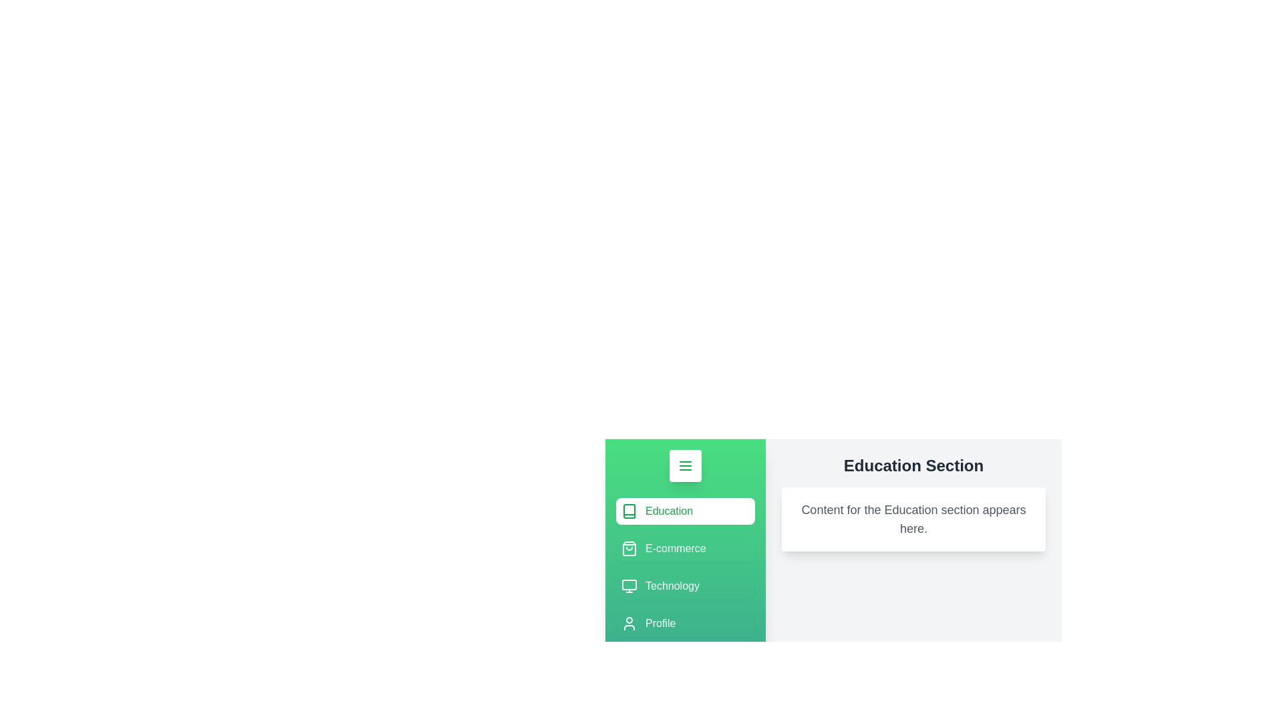  What do you see at coordinates (686, 624) in the screenshot?
I see `the section Profile in the drawer` at bounding box center [686, 624].